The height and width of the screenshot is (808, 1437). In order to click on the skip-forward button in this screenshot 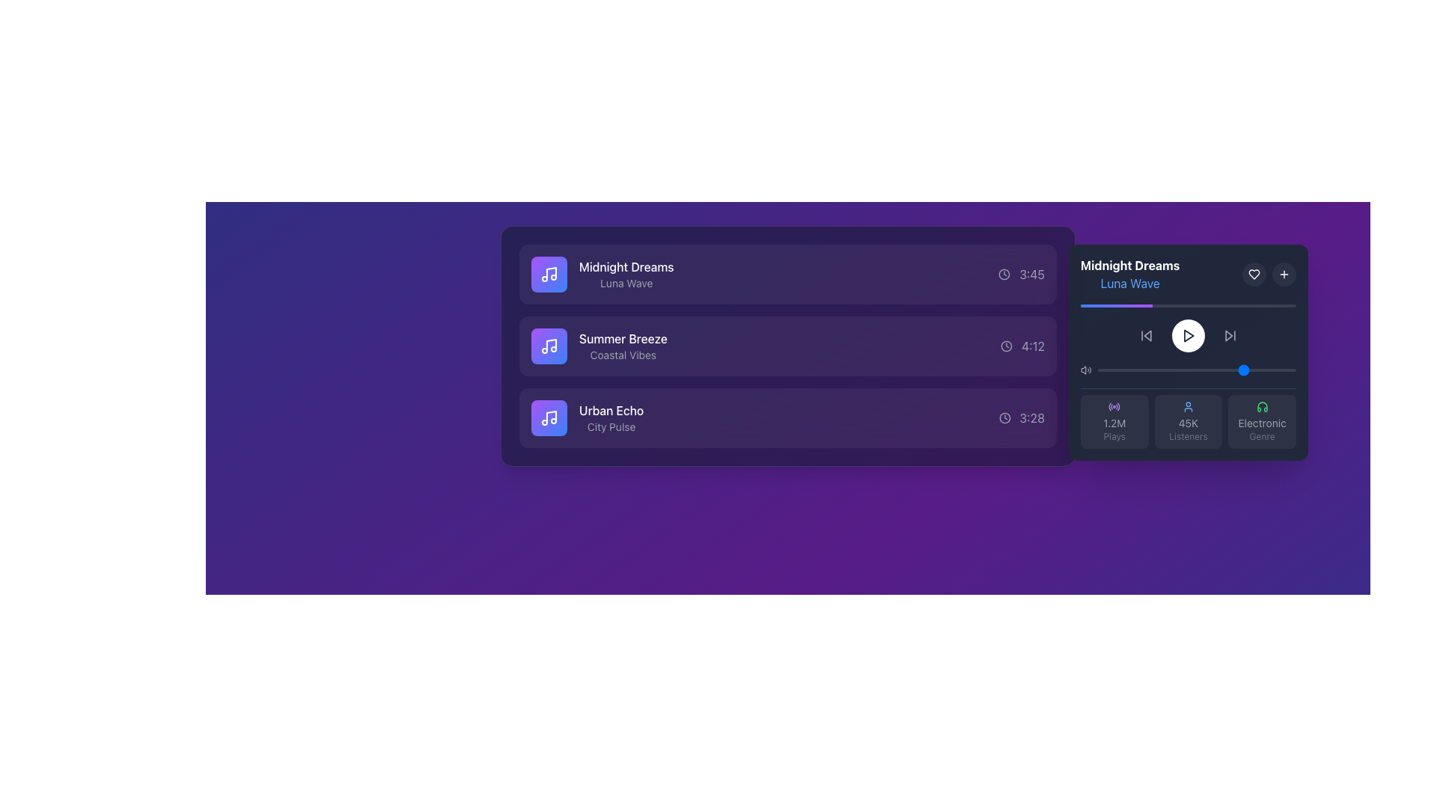, I will do `click(1230, 334)`.